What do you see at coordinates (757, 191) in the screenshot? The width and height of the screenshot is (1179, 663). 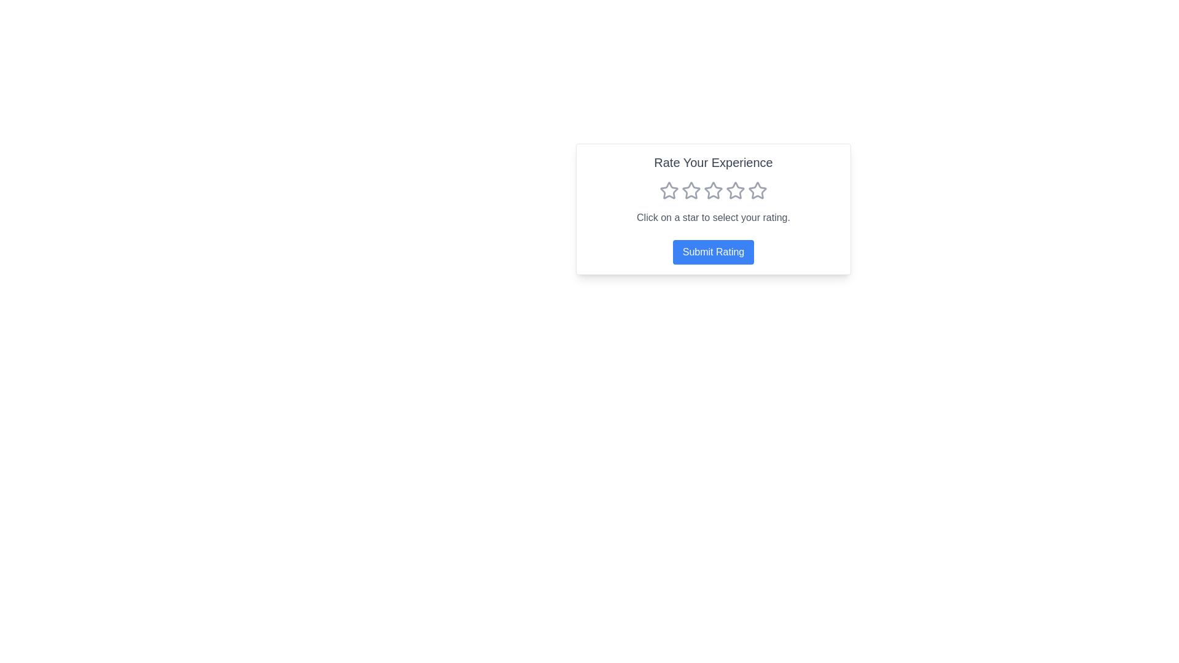 I see `the eighth rating star icon, used for rating experience, to enable accessibility navigation` at bounding box center [757, 191].